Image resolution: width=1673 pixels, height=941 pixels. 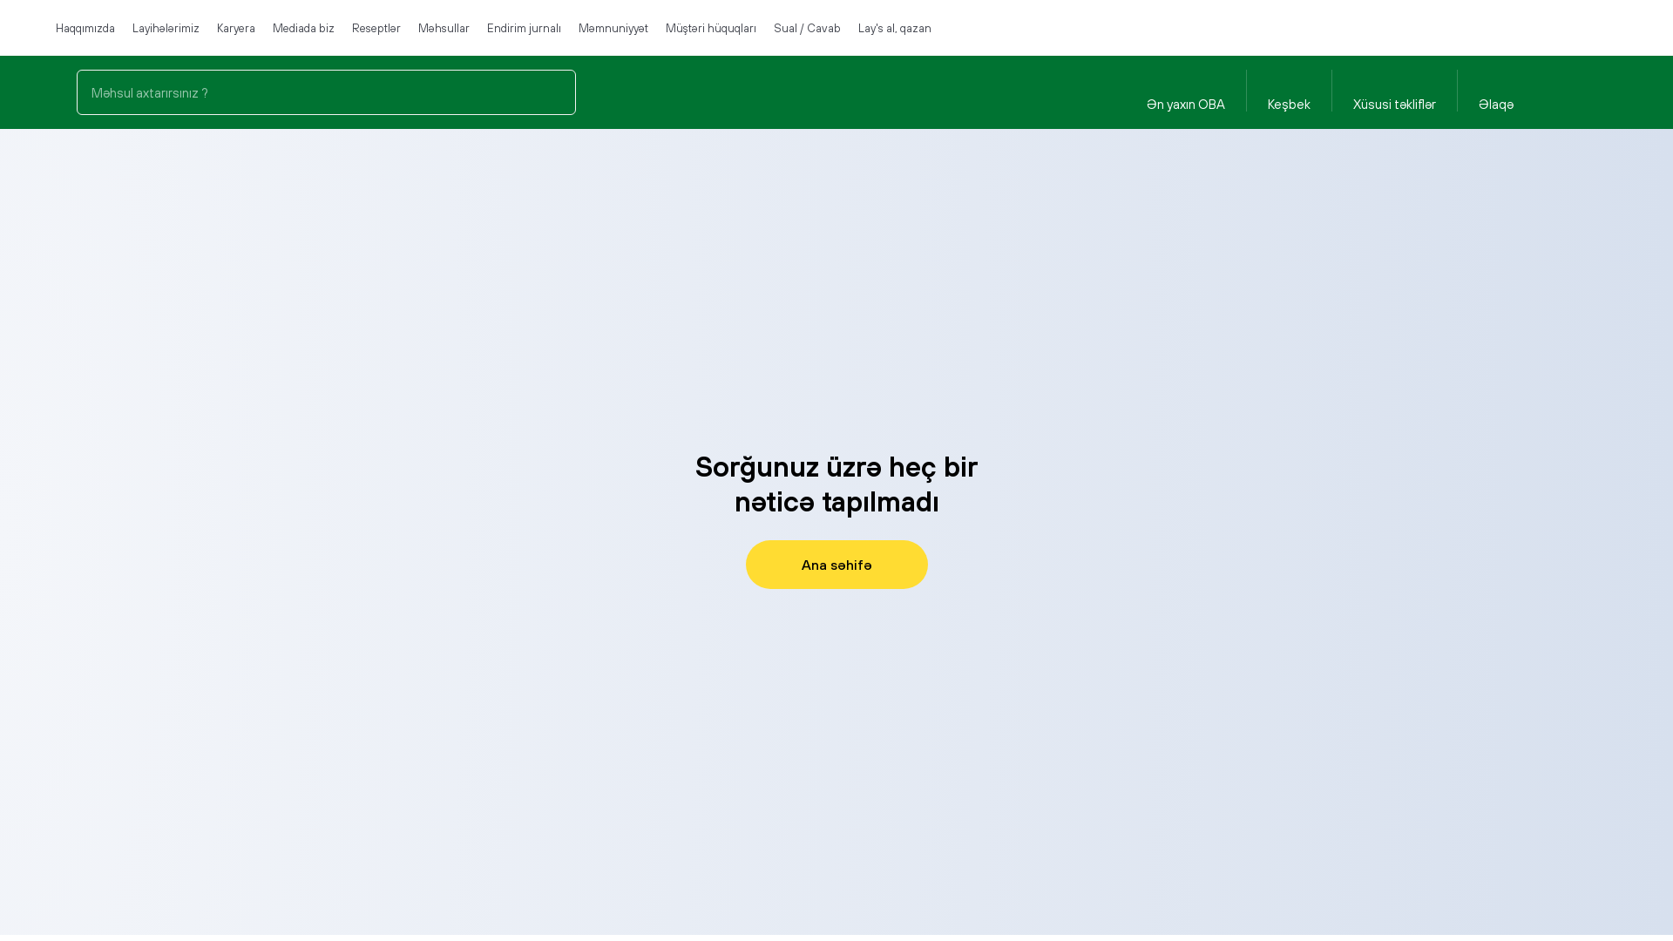 What do you see at coordinates (895, 27) in the screenshot?
I see `'Lay's al, qazan'` at bounding box center [895, 27].